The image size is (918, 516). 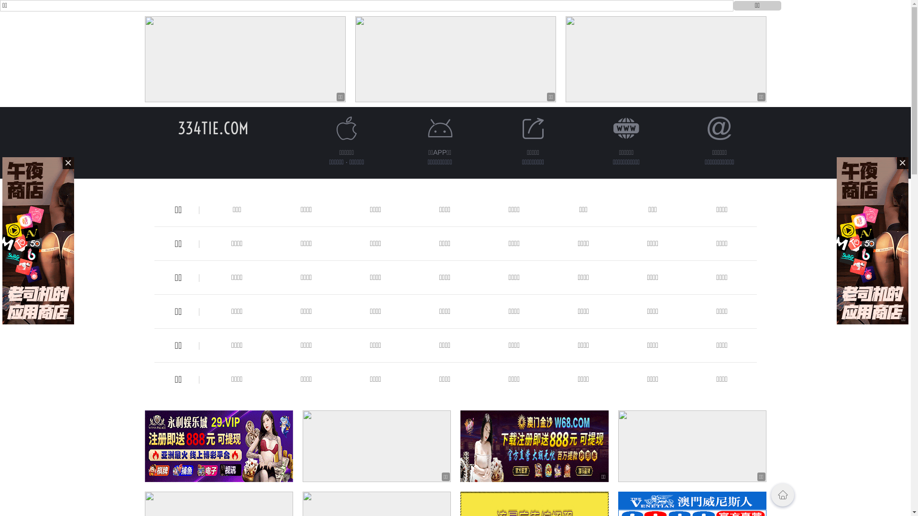 What do you see at coordinates (213, 128) in the screenshot?
I see `'334TIE.COM'` at bounding box center [213, 128].